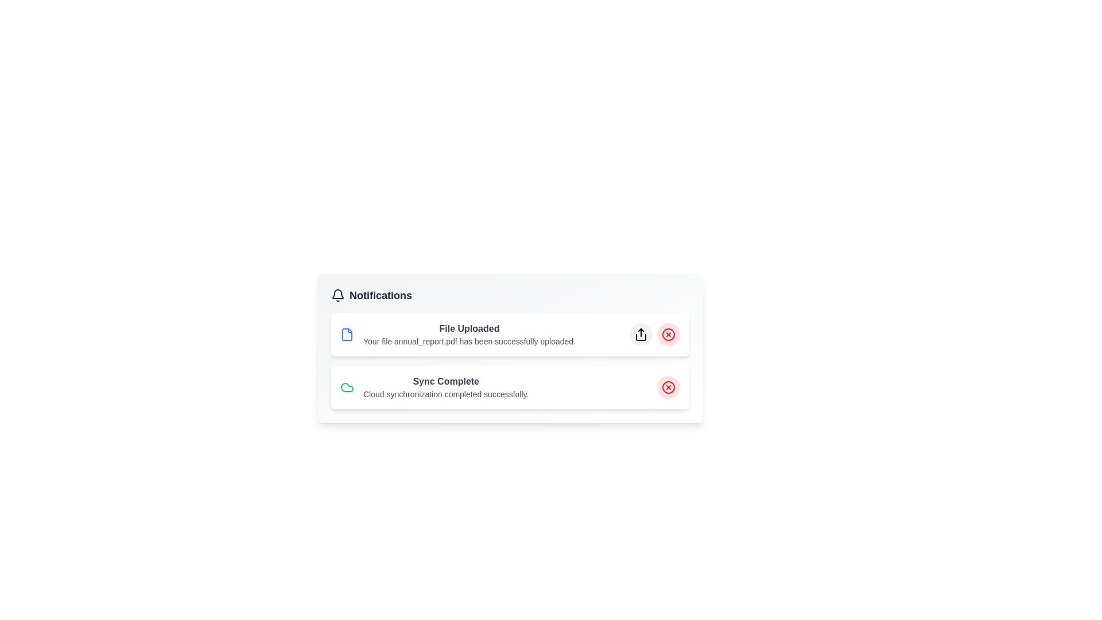 This screenshot has height=620, width=1102. What do you see at coordinates (445, 387) in the screenshot?
I see `the second text-based notification item in the notification panel` at bounding box center [445, 387].